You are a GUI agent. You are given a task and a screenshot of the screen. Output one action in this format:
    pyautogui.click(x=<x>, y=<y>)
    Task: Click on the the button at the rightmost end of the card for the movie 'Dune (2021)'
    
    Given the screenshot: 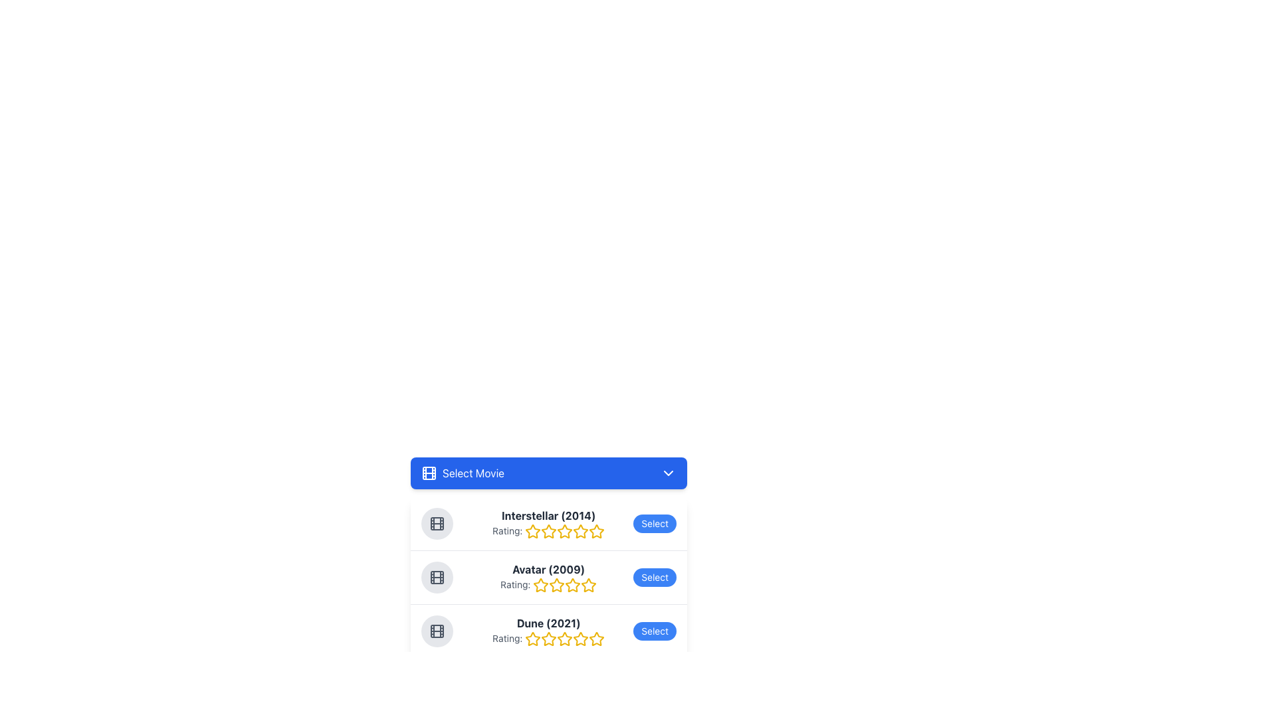 What is the action you would take?
    pyautogui.click(x=655, y=631)
    